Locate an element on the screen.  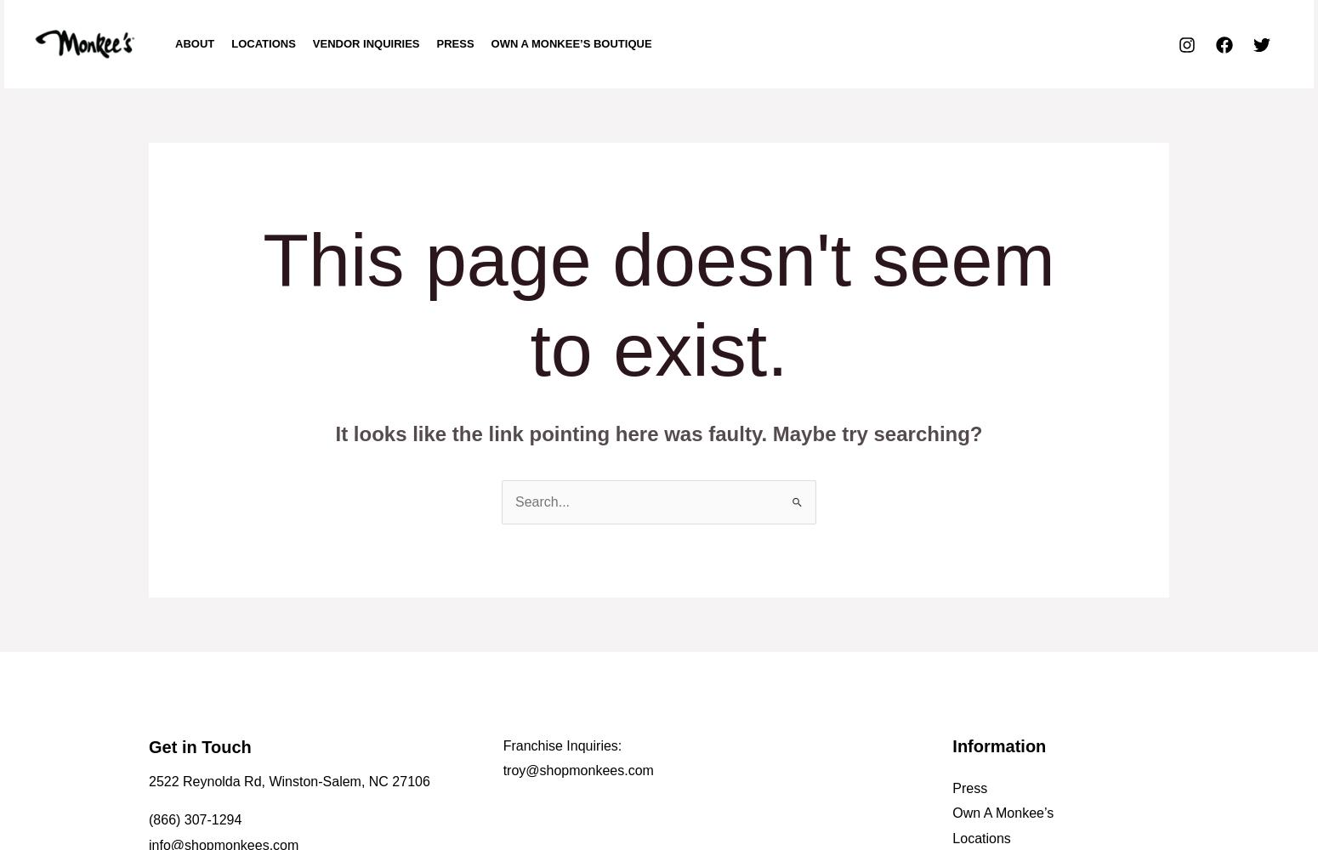
'troy@shopmonkees.com' is located at coordinates (577, 770).